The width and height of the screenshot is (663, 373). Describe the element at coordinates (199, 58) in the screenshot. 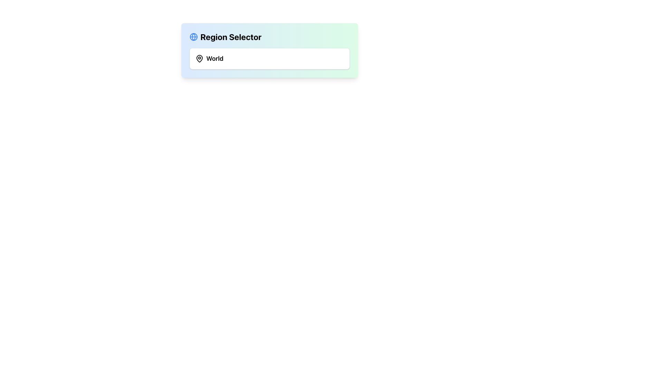

I see `the pin icon located to the left of the text 'World' within the 'Region Selector' card` at that location.